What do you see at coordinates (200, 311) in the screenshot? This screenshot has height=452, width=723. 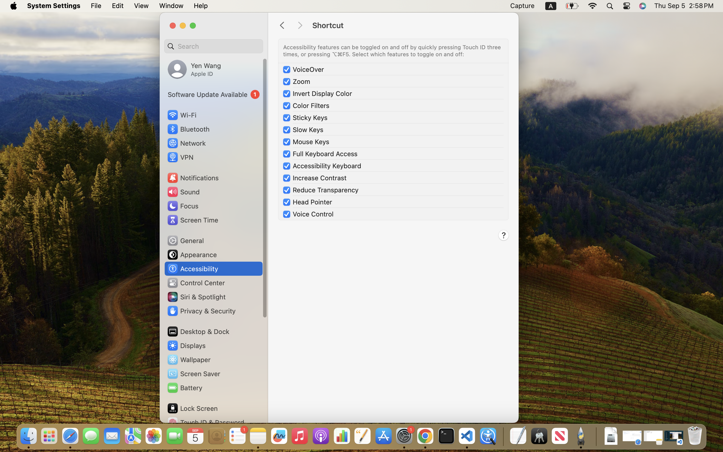 I see `'Privacy & Security'` at bounding box center [200, 311].